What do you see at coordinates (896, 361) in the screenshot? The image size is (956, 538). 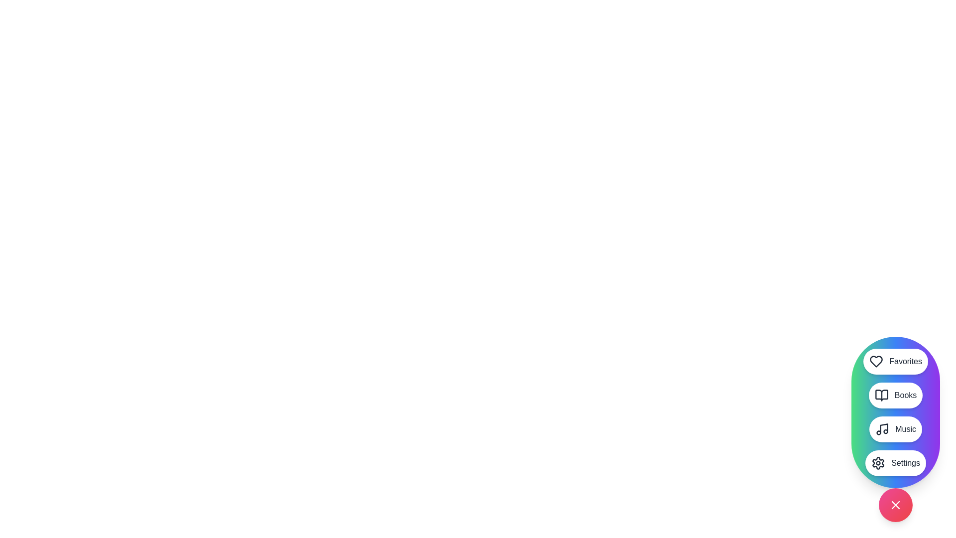 I see `the menu option Favorites to perform its associated action` at bounding box center [896, 361].